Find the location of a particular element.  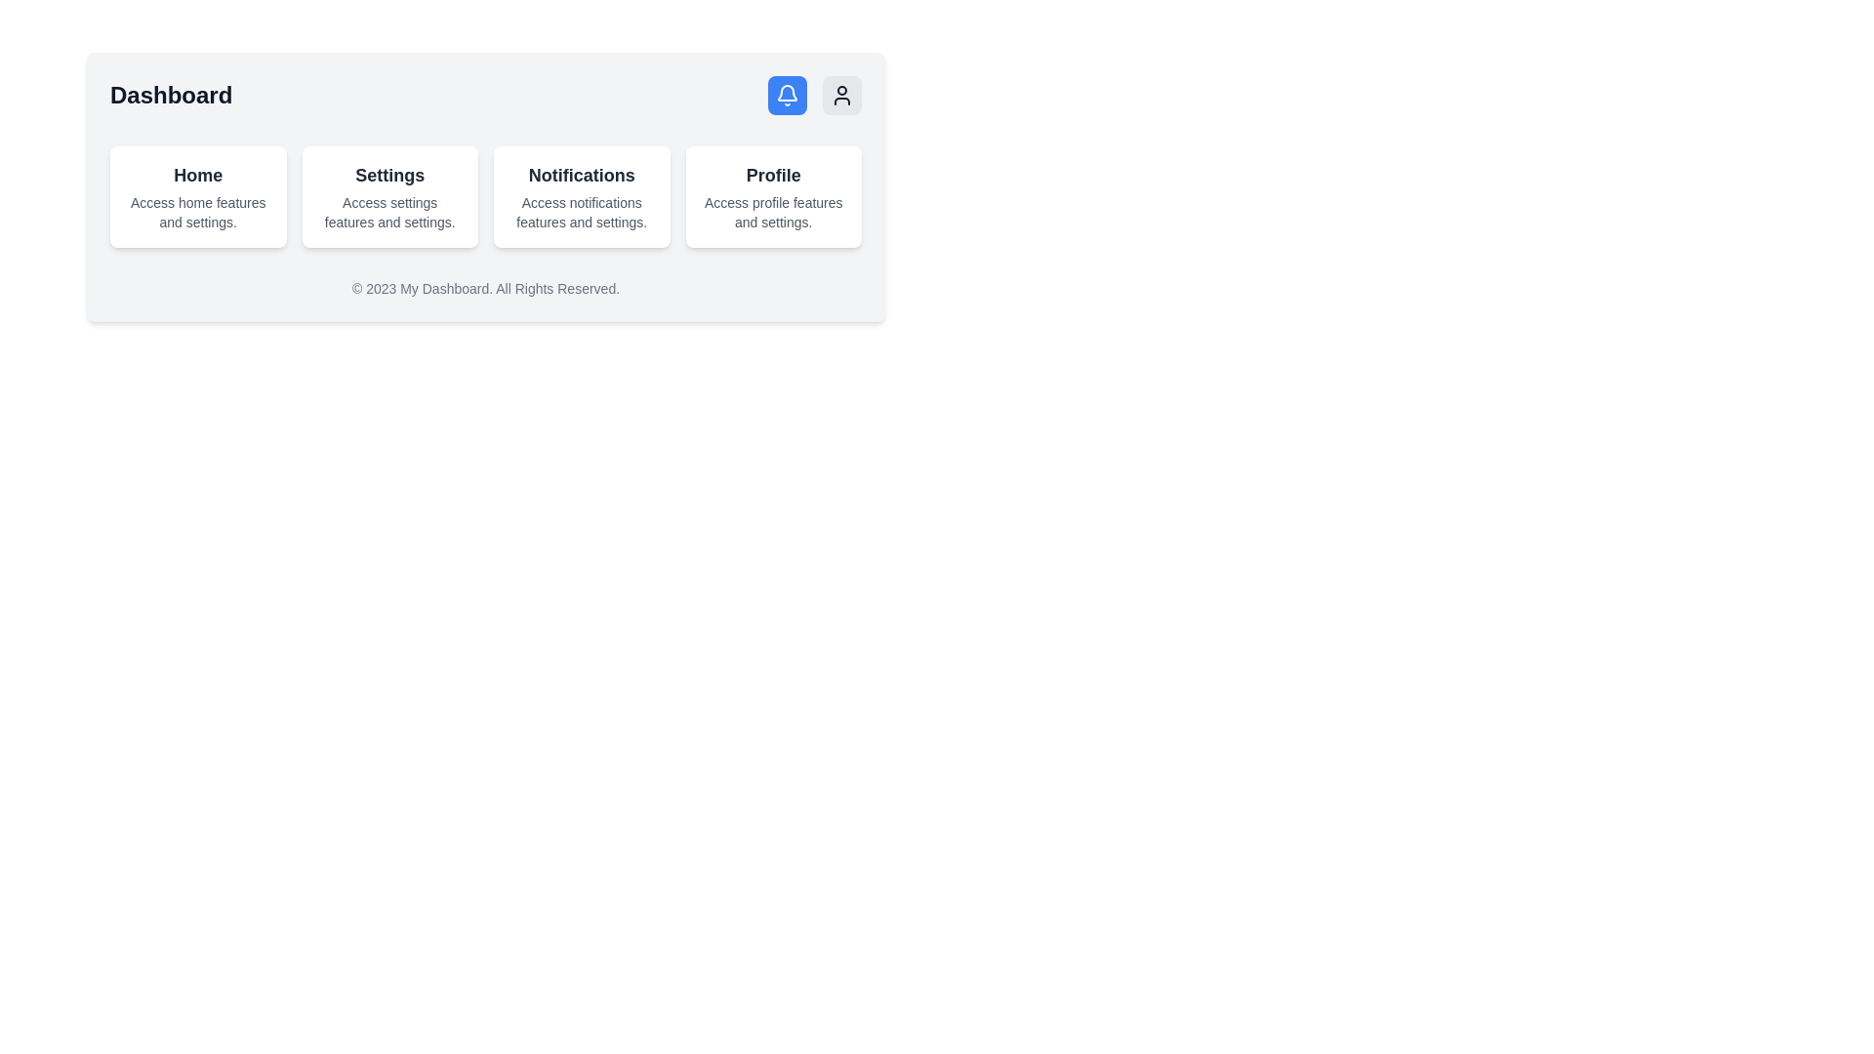

the content of the Information card, which serves as an entry point for managing or viewing notifications, located as the third card in a series of four horizontally aligned cards is located at coordinates (581, 196).